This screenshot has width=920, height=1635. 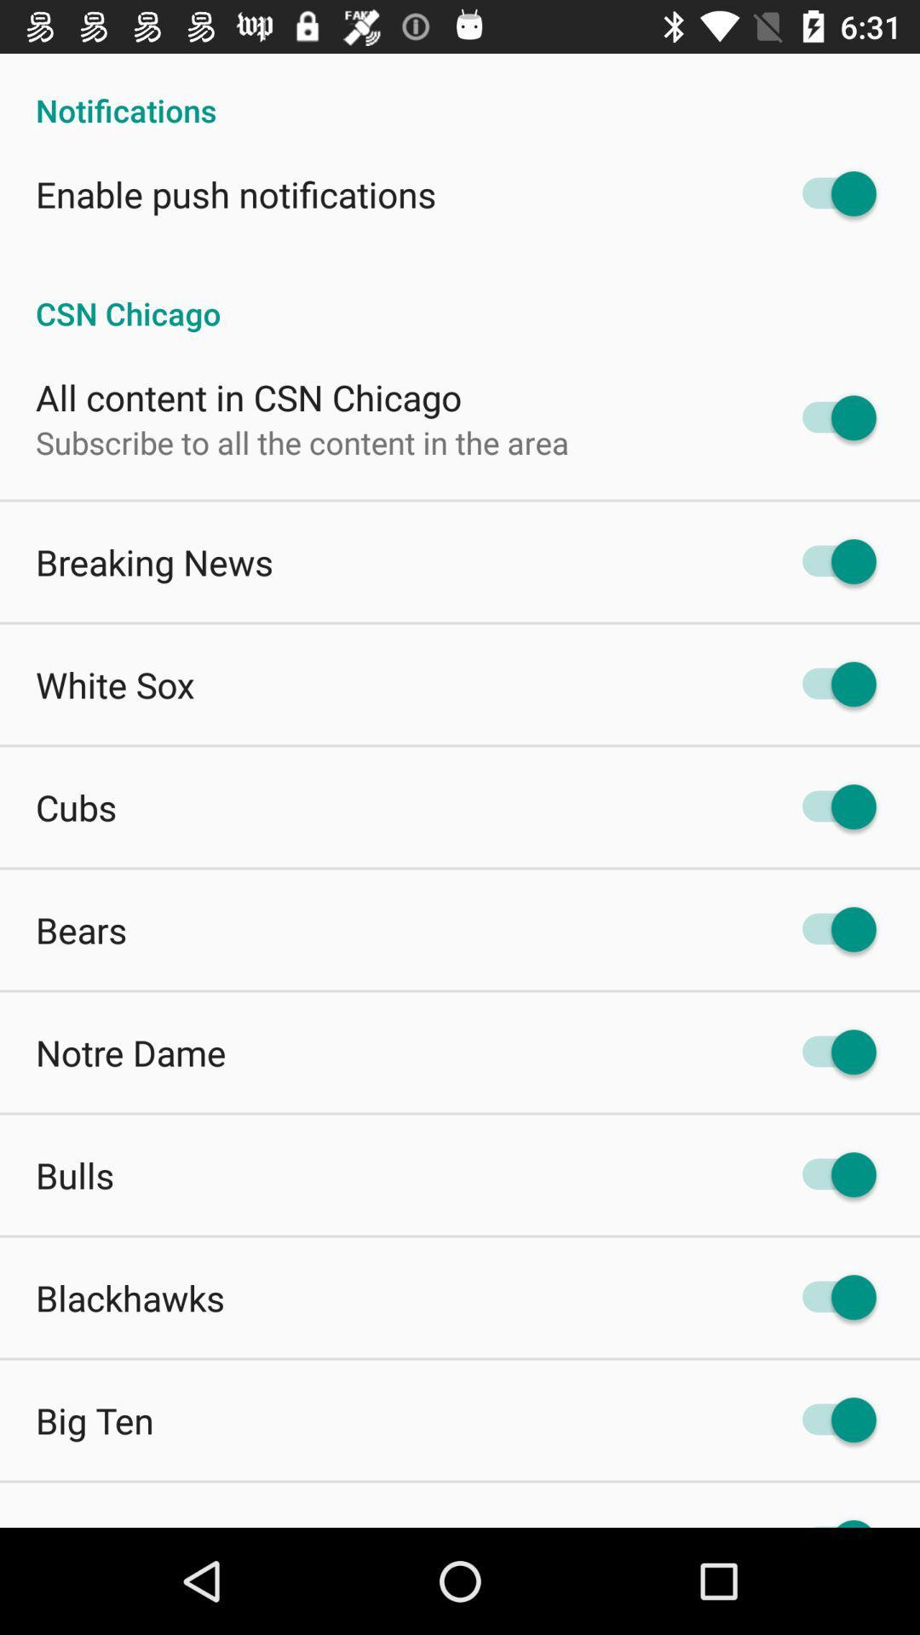 I want to click on big ten app, so click(x=95, y=1420).